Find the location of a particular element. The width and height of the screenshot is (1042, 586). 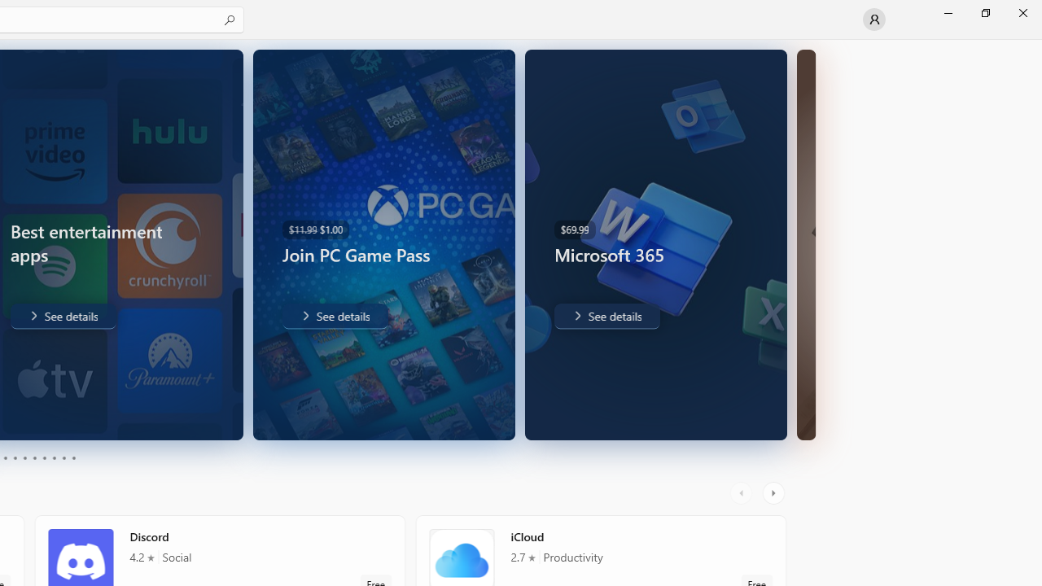

'Page 8' is located at coordinates (53, 458).